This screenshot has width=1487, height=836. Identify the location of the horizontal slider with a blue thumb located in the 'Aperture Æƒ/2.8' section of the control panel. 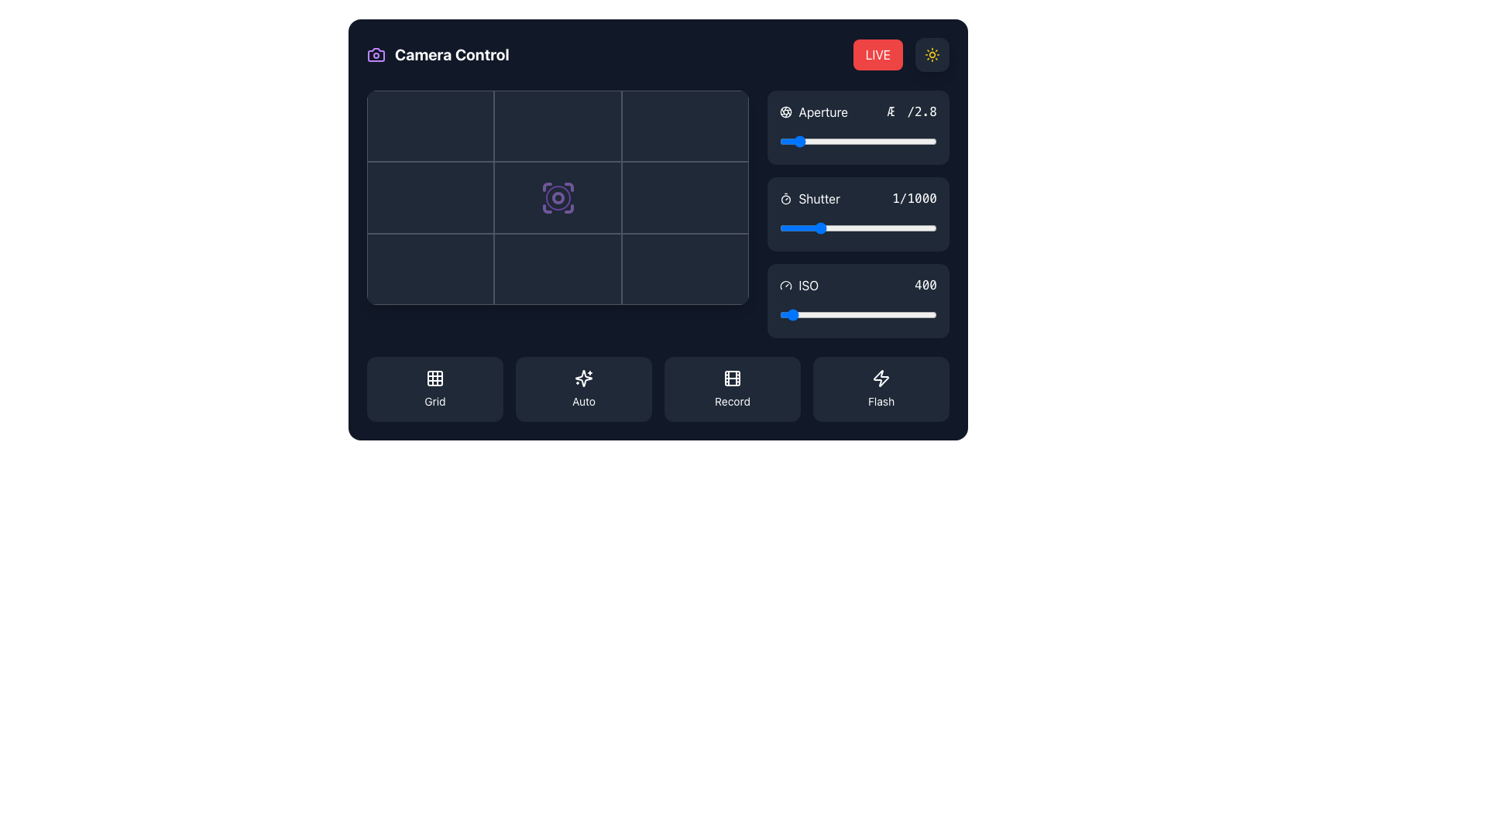
(857, 141).